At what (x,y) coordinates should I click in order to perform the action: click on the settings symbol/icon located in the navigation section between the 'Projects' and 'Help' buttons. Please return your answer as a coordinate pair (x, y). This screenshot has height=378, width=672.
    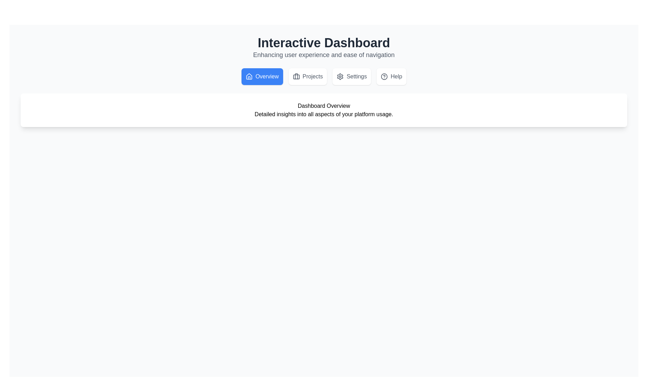
    Looking at the image, I should click on (340, 77).